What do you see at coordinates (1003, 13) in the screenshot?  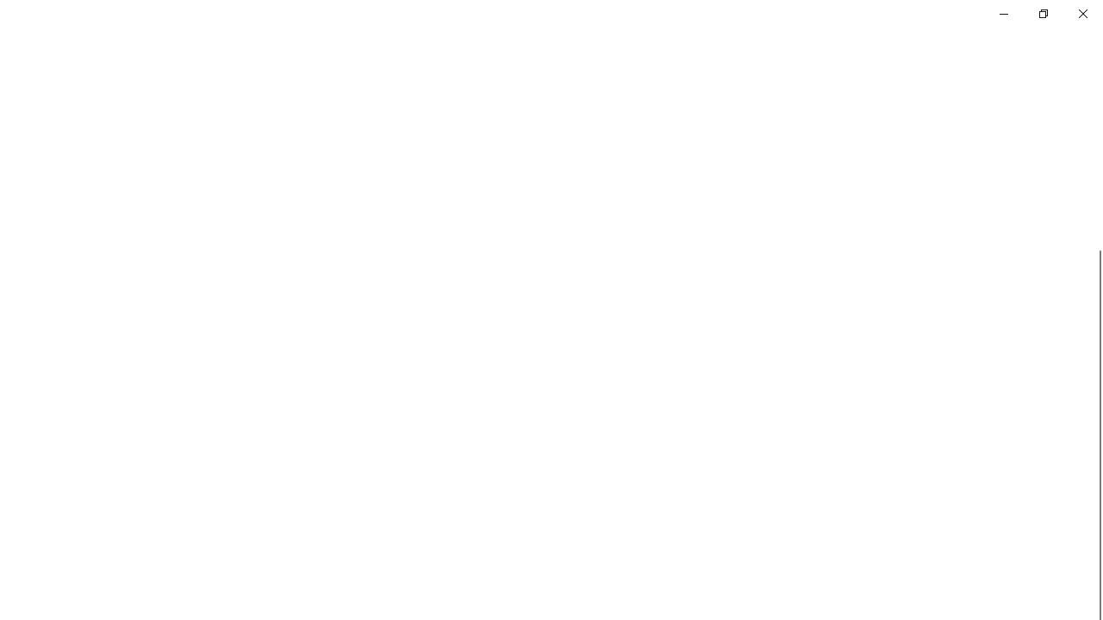 I see `'Minimize Settings'` at bounding box center [1003, 13].